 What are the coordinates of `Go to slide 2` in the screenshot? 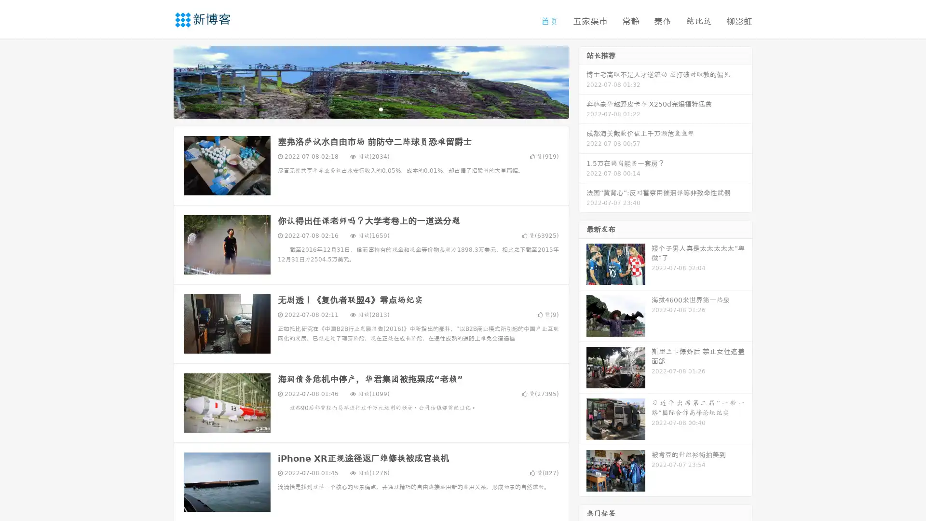 It's located at (370, 109).